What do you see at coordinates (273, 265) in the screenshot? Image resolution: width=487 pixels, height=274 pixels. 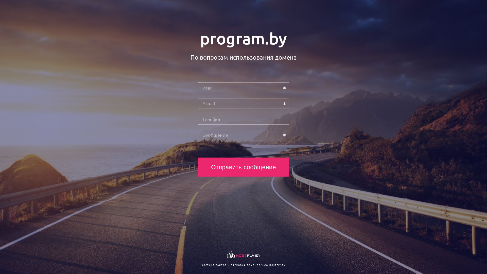 I see `'WWW.HOSTFLY.BY'` at bounding box center [273, 265].